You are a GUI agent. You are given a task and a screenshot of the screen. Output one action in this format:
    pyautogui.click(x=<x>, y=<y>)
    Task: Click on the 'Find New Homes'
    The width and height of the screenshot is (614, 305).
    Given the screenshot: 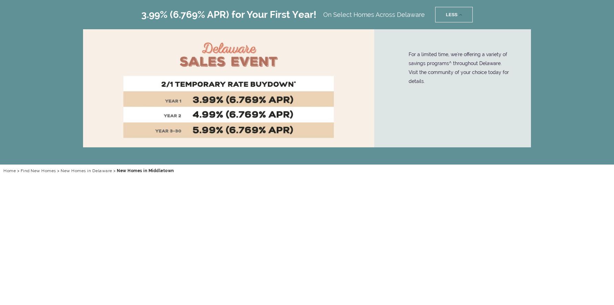 What is the action you would take?
    pyautogui.click(x=38, y=170)
    